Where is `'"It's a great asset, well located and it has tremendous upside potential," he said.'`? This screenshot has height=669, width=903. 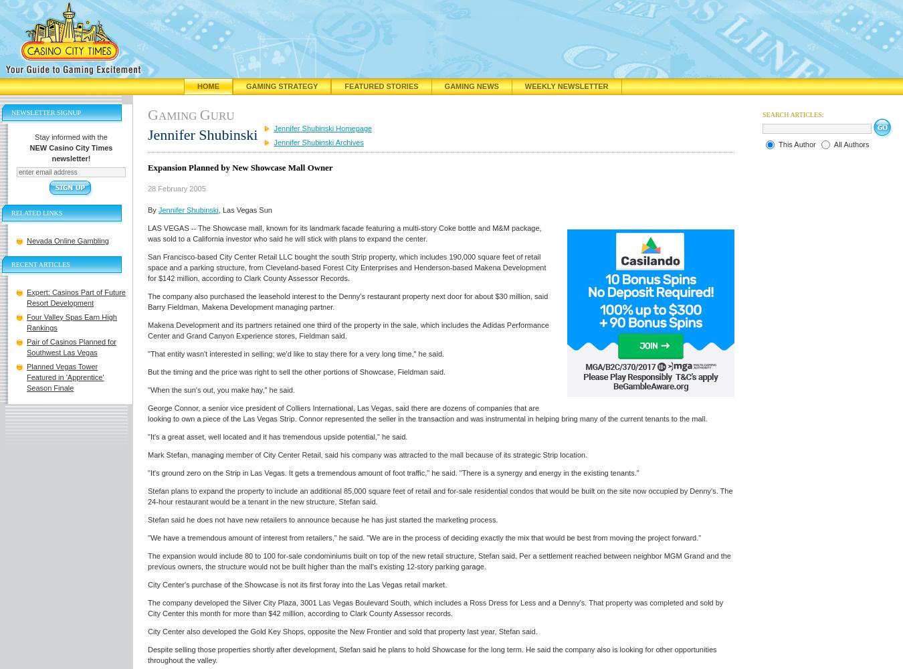 '"It's a great asset, well located and it has tremendous upside potential," he said.' is located at coordinates (147, 436).